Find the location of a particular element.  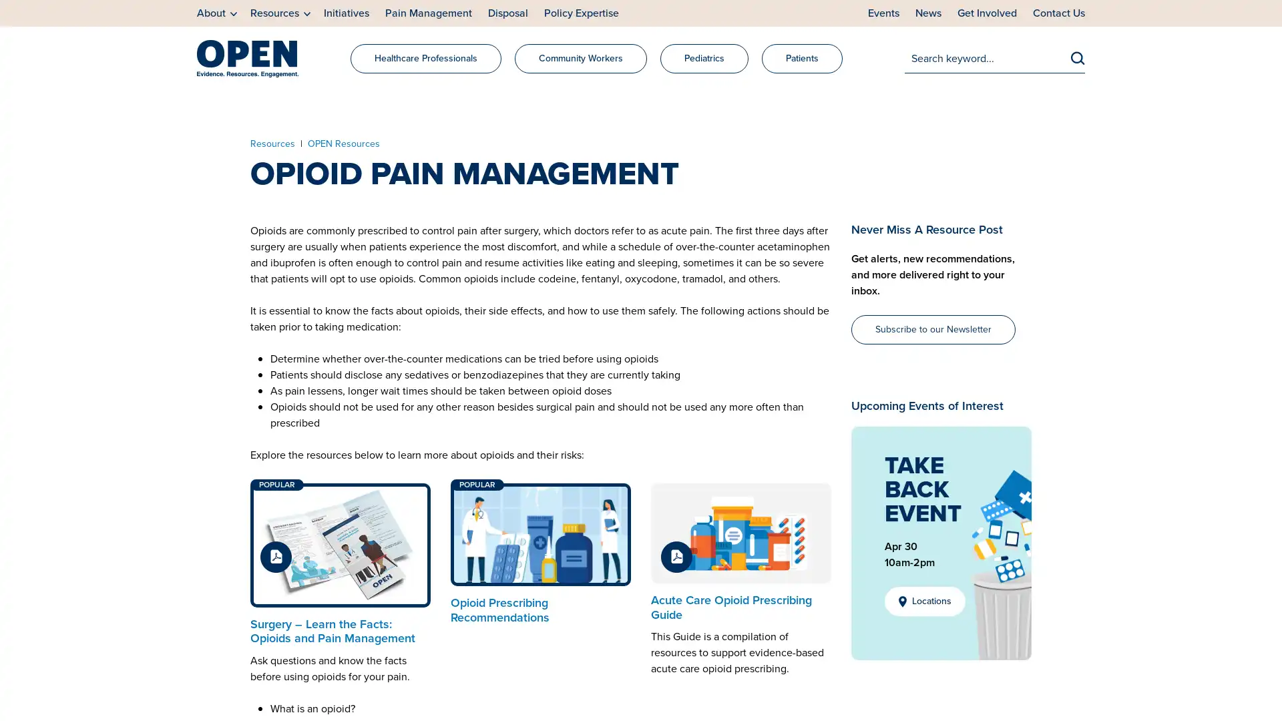

SEARCH is located at coordinates (1078, 57).